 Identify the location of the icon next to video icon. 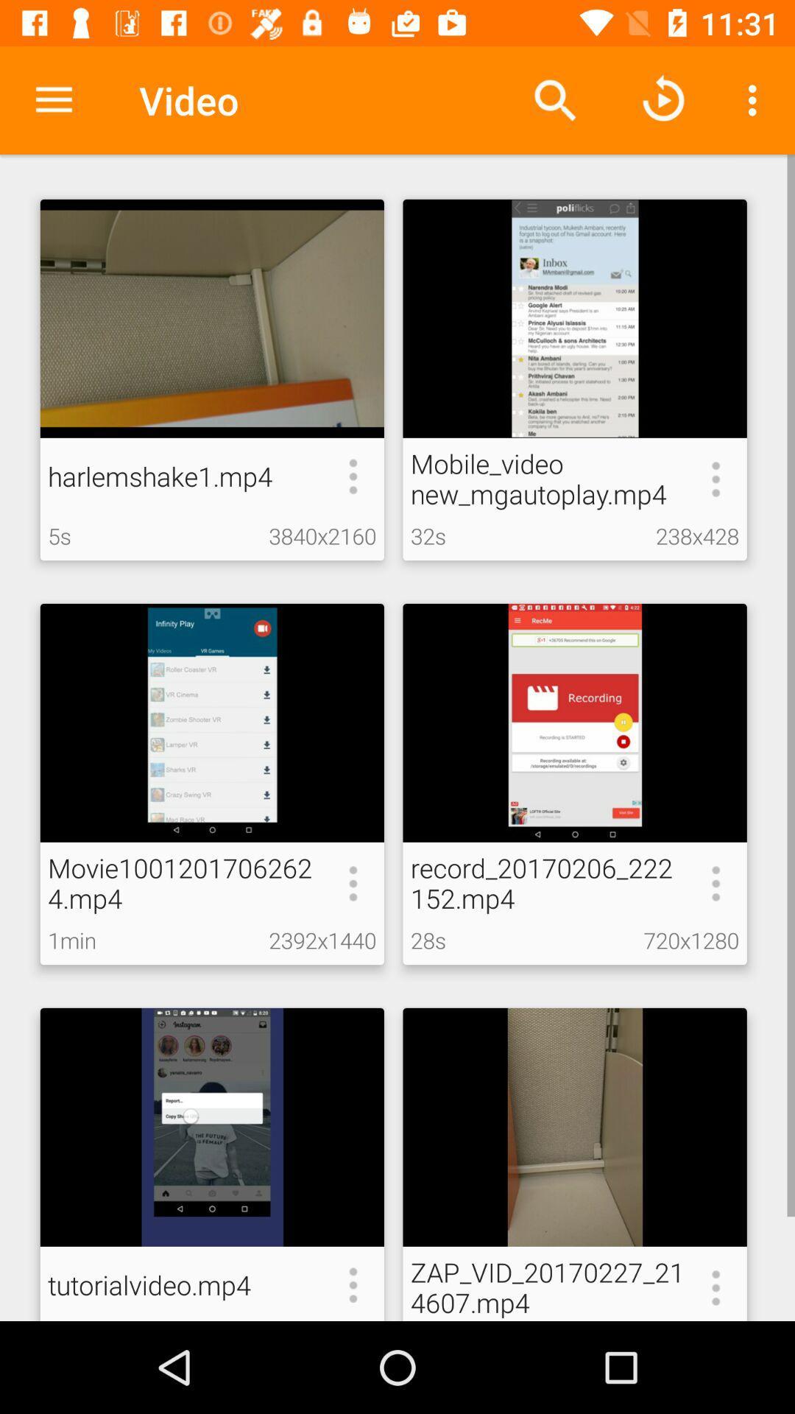
(555, 99).